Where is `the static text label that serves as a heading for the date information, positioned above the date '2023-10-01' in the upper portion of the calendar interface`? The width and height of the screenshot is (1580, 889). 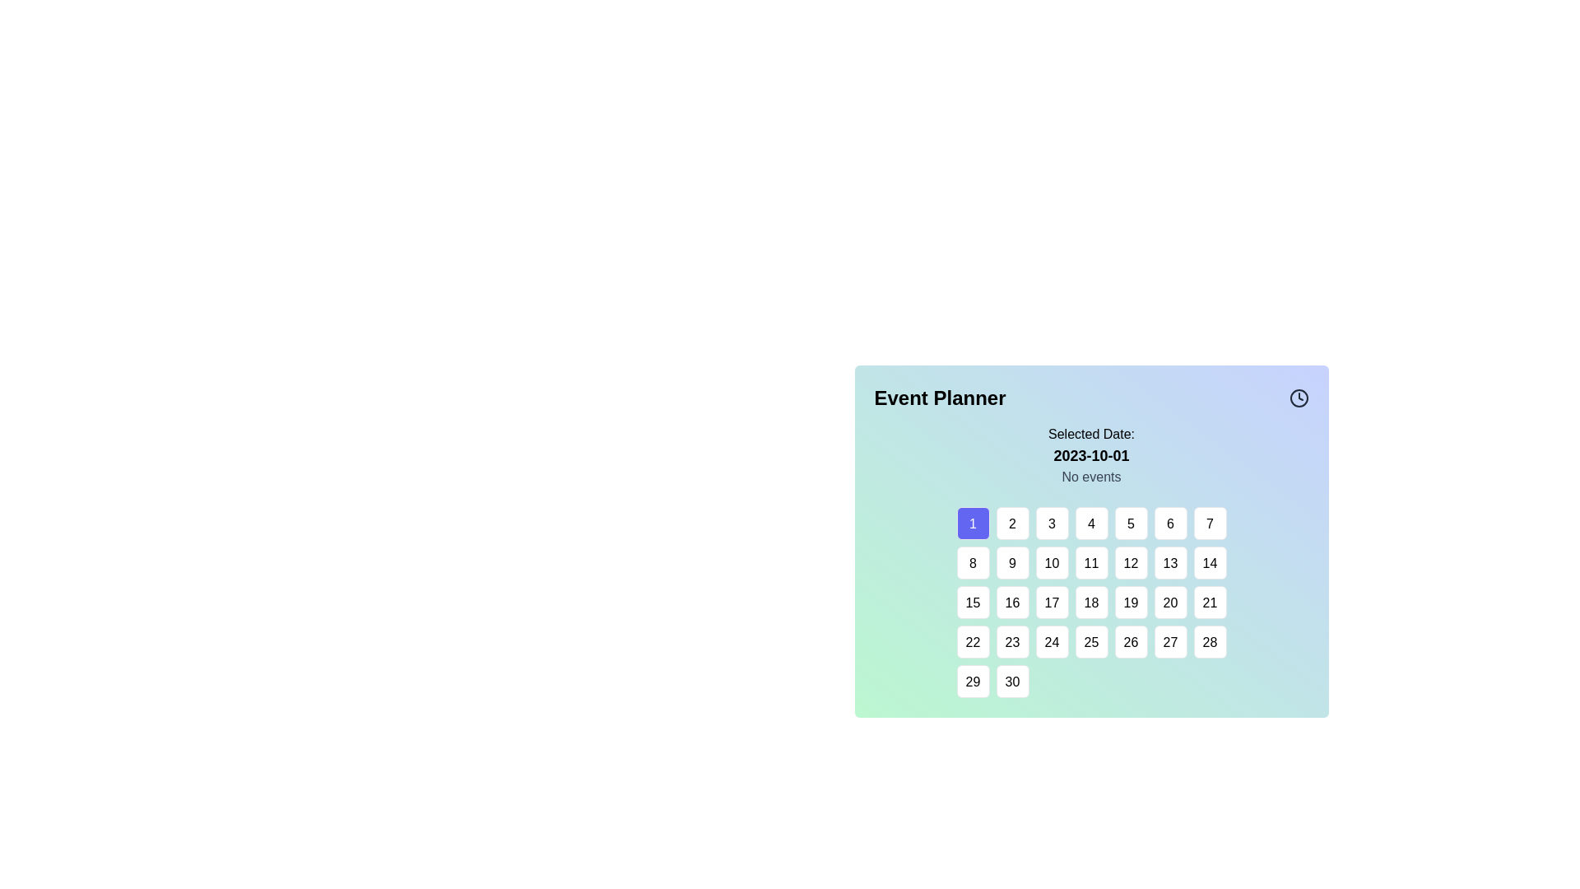 the static text label that serves as a heading for the date information, positioned above the date '2023-10-01' in the upper portion of the calendar interface is located at coordinates (1091, 434).